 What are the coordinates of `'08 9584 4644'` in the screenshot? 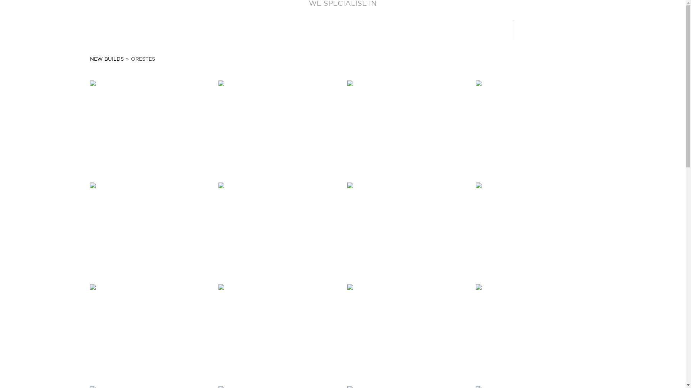 It's located at (549, 31).